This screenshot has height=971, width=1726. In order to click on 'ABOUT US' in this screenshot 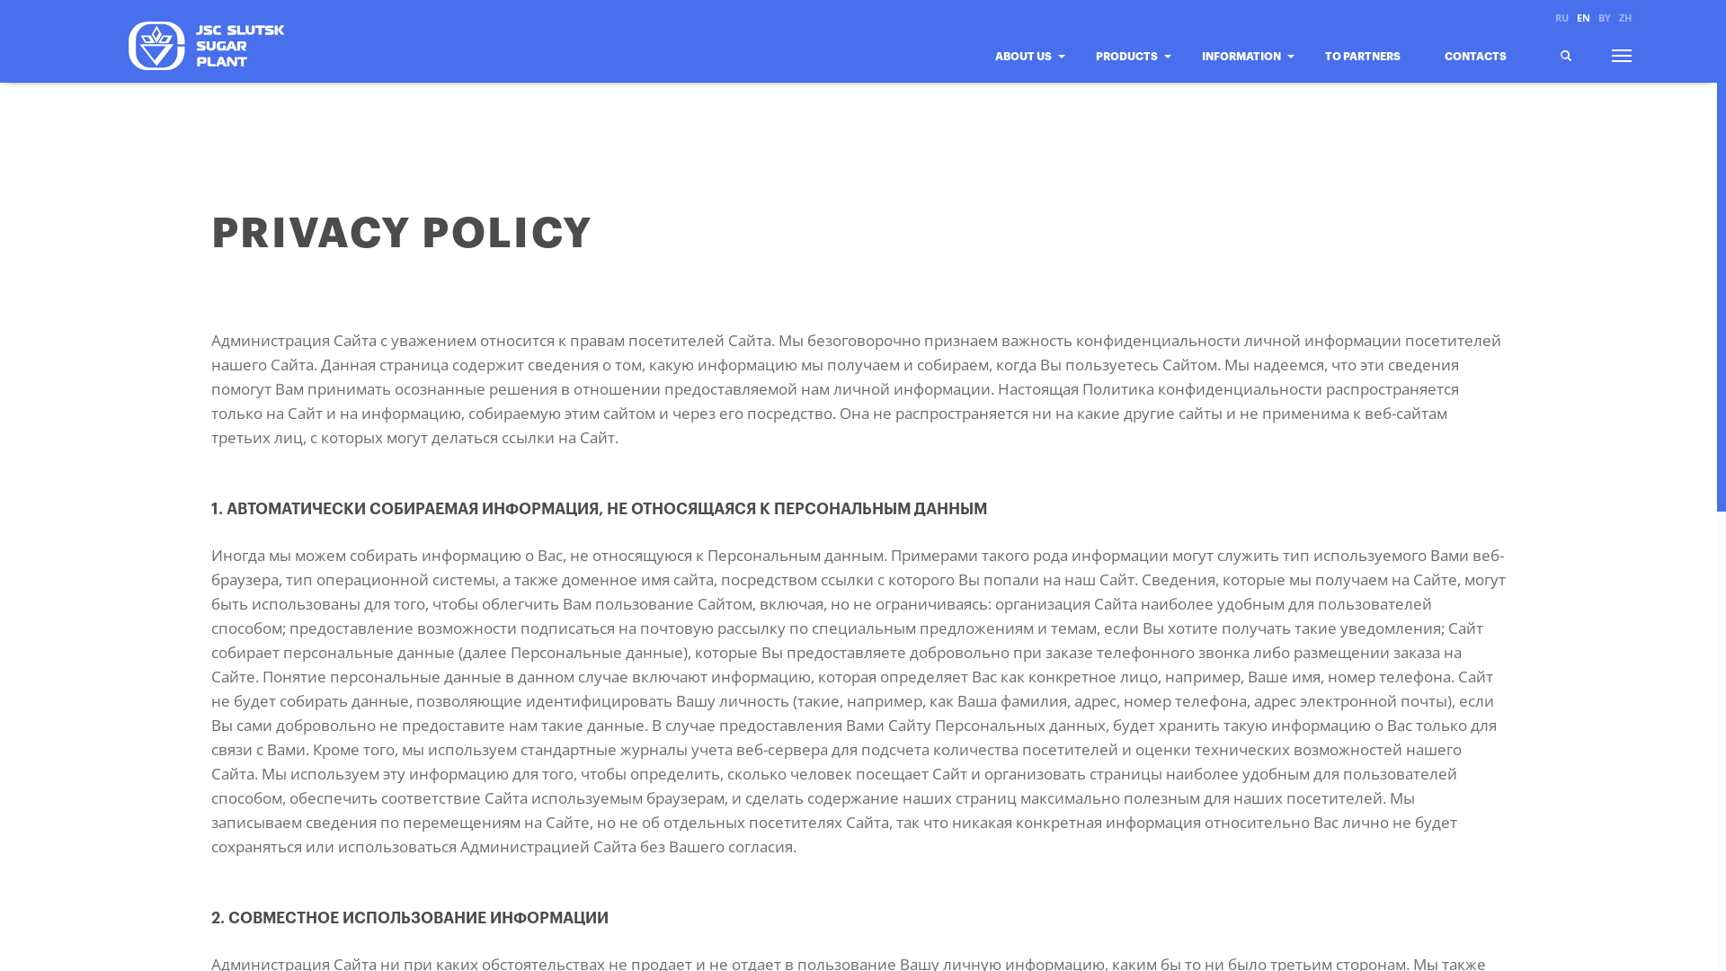, I will do `click(1029, 71)`.